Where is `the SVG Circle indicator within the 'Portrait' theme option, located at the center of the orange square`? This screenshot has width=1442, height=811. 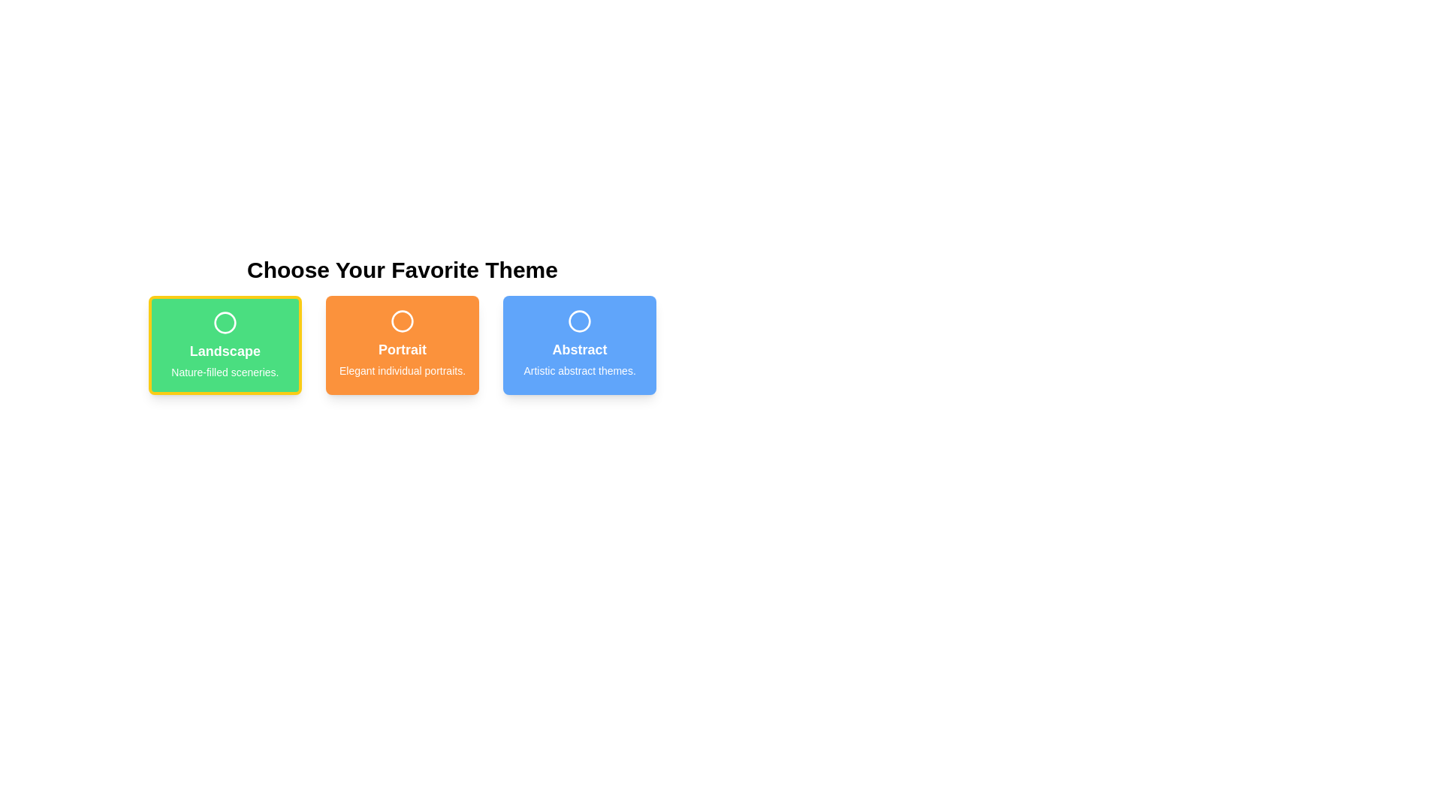
the SVG Circle indicator within the 'Portrait' theme option, located at the center of the orange square is located at coordinates (403, 321).